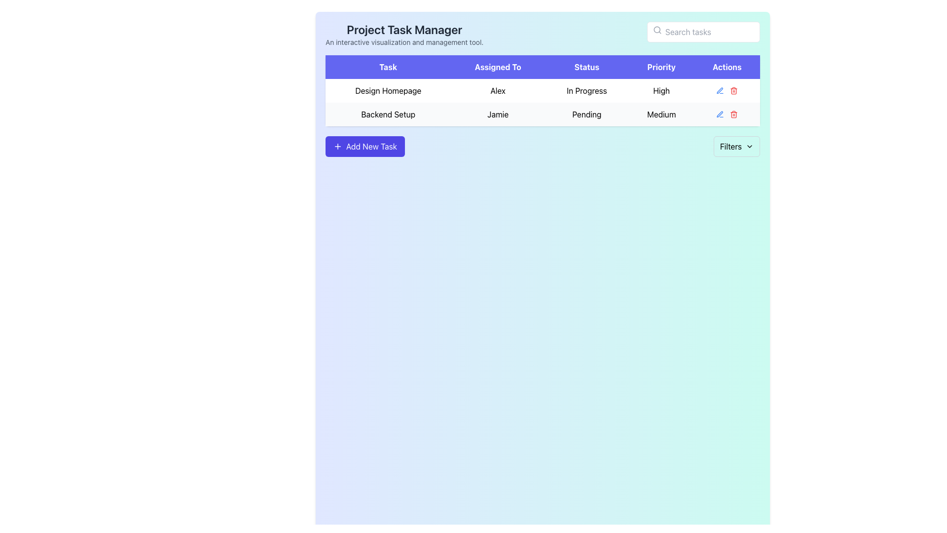 Image resolution: width=947 pixels, height=533 pixels. What do you see at coordinates (371, 147) in the screenshot?
I see `the 'Add New Task' text label, which is styled in white on a blue background and is part of a button with rounded corners` at bounding box center [371, 147].